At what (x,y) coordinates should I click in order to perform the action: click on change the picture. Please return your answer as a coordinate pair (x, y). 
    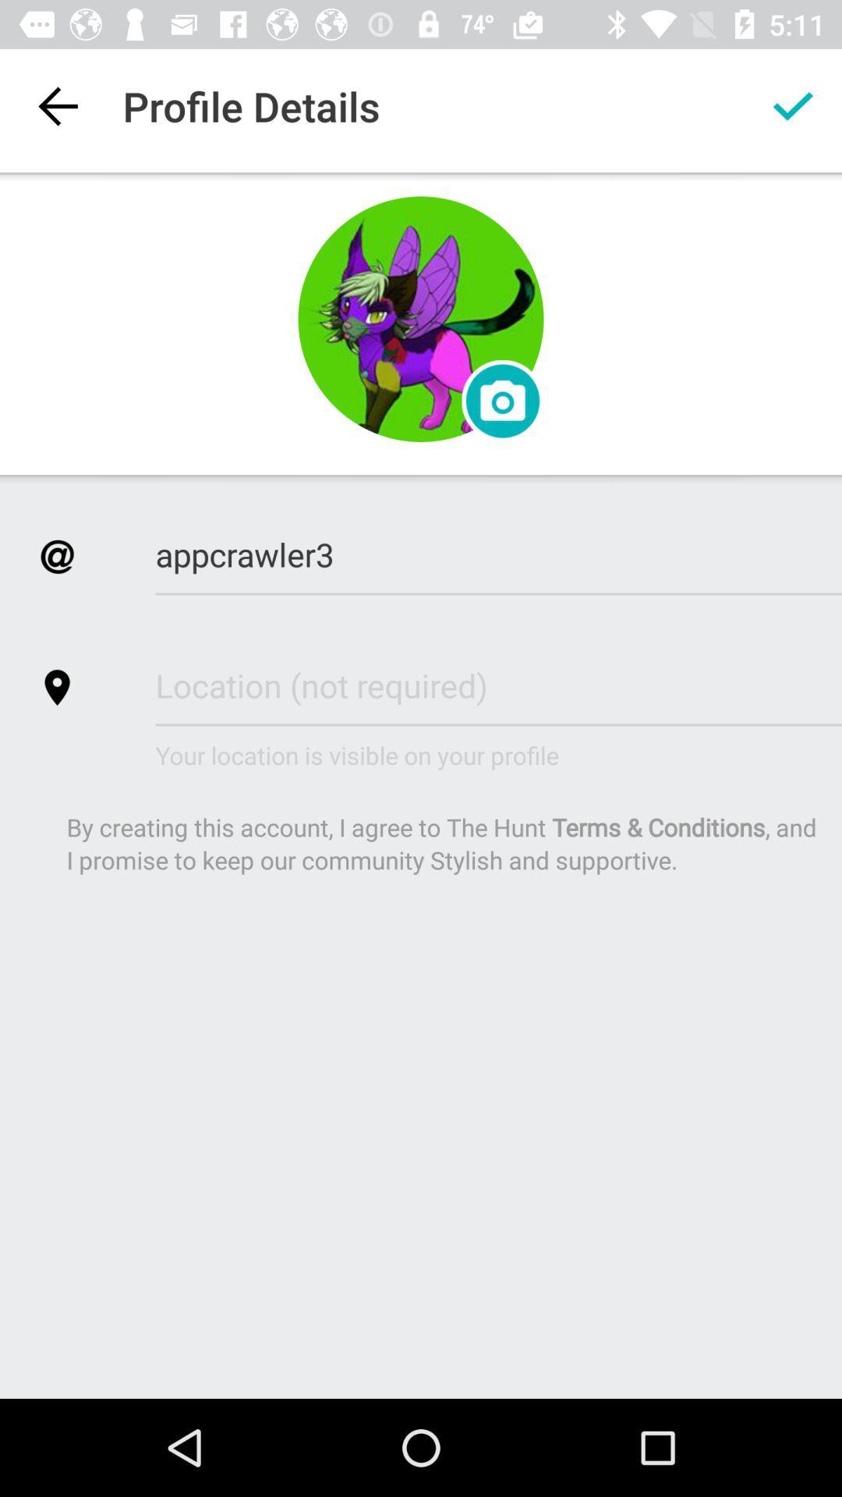
    Looking at the image, I should click on (502, 401).